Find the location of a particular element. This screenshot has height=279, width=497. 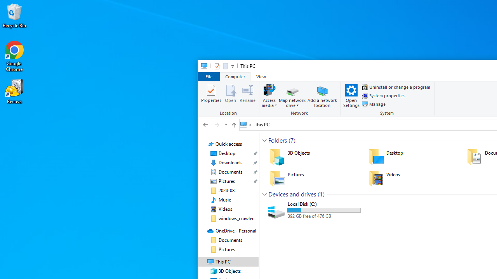

'Recent locations' is located at coordinates (225, 124).